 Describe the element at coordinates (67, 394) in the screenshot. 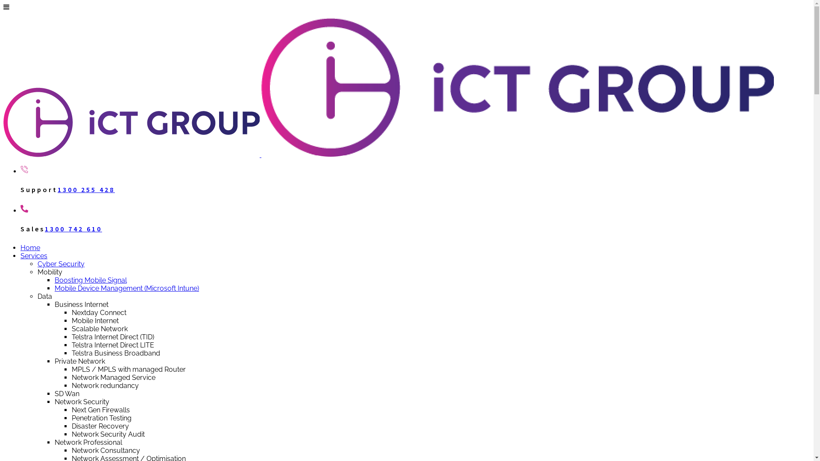

I see `'SD Wan'` at that location.